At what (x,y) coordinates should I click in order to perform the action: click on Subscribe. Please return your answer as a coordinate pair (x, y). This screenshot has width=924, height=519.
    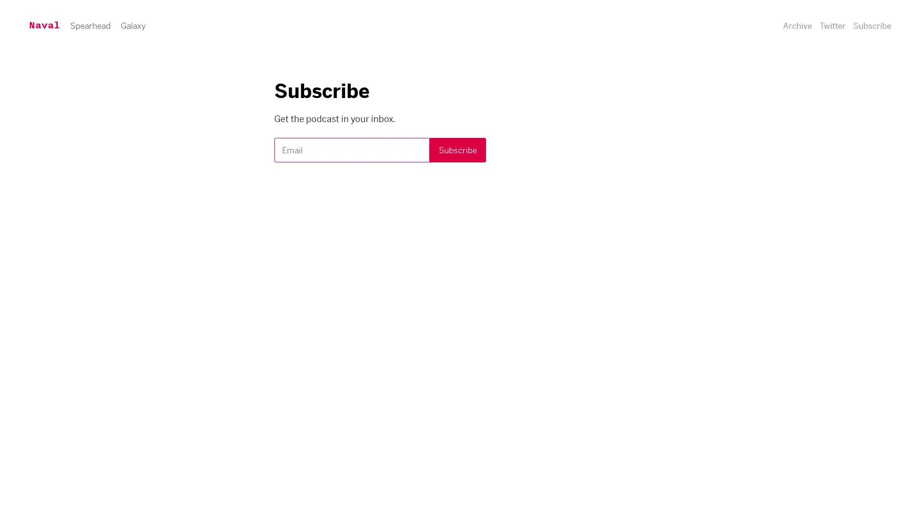
    Looking at the image, I should click on (831, 32).